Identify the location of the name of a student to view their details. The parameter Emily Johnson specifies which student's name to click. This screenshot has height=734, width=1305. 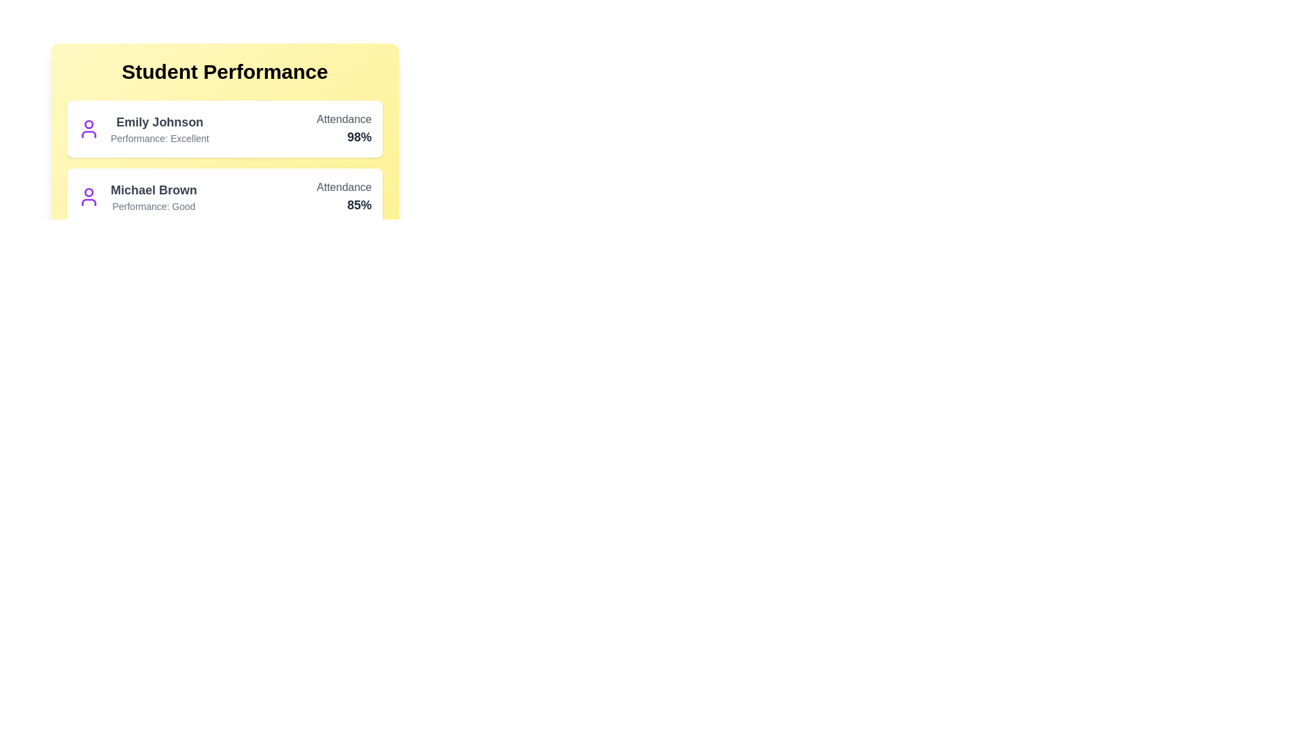
(160, 122).